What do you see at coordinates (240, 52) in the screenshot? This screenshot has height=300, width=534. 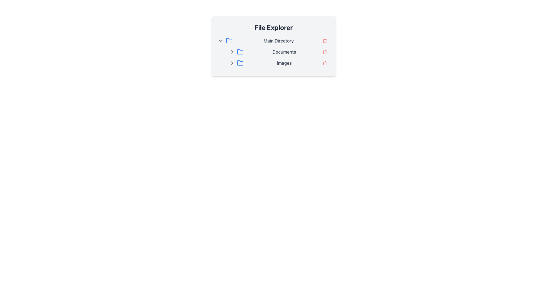 I see `the folder icon, which is blue with rounded edges and located to the left of the text 'Documents' in the file explorer-like UI` at bounding box center [240, 52].